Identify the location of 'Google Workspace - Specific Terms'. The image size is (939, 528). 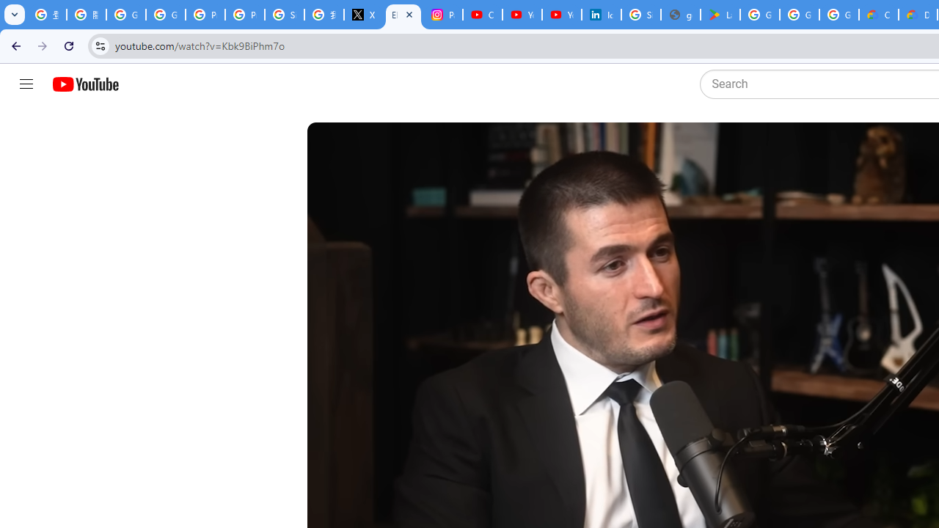
(798, 15).